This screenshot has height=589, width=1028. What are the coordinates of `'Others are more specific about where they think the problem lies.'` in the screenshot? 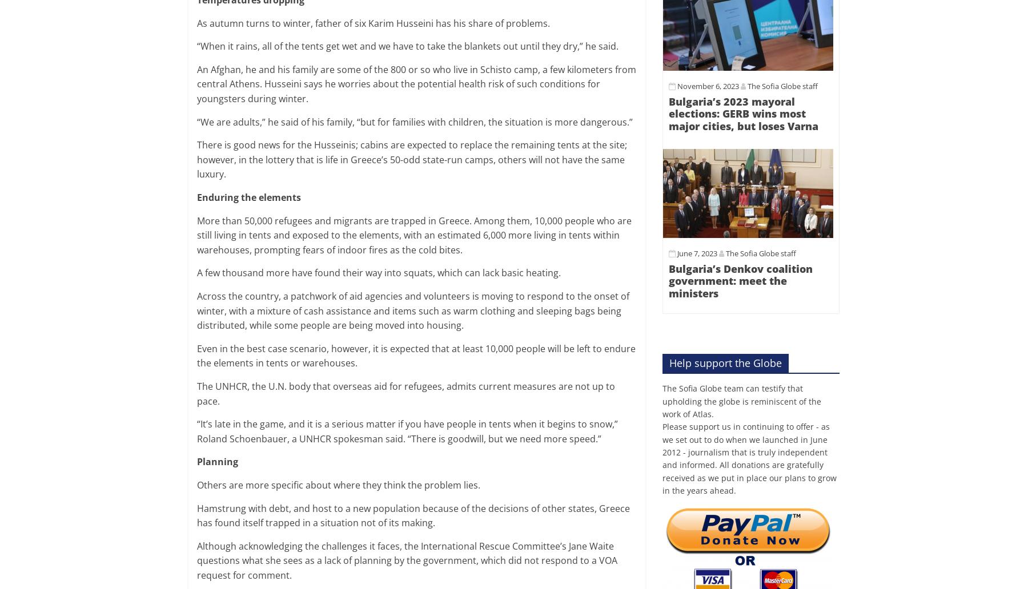 It's located at (338, 485).